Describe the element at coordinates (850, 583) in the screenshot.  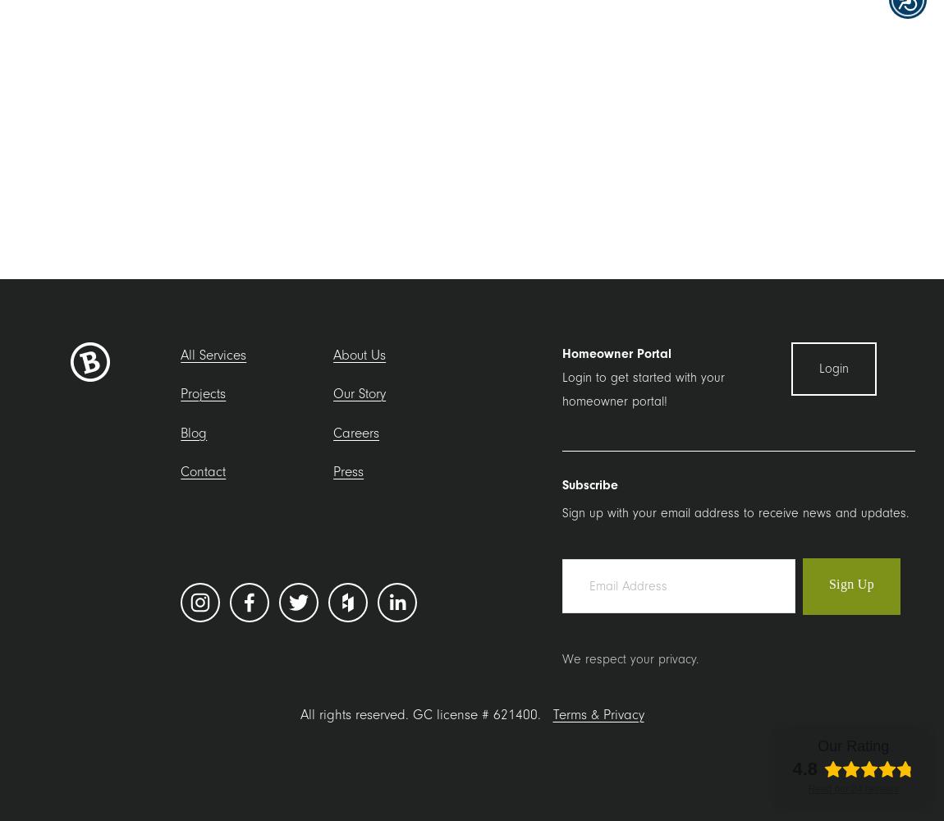
I see `'Sign Up'` at that location.